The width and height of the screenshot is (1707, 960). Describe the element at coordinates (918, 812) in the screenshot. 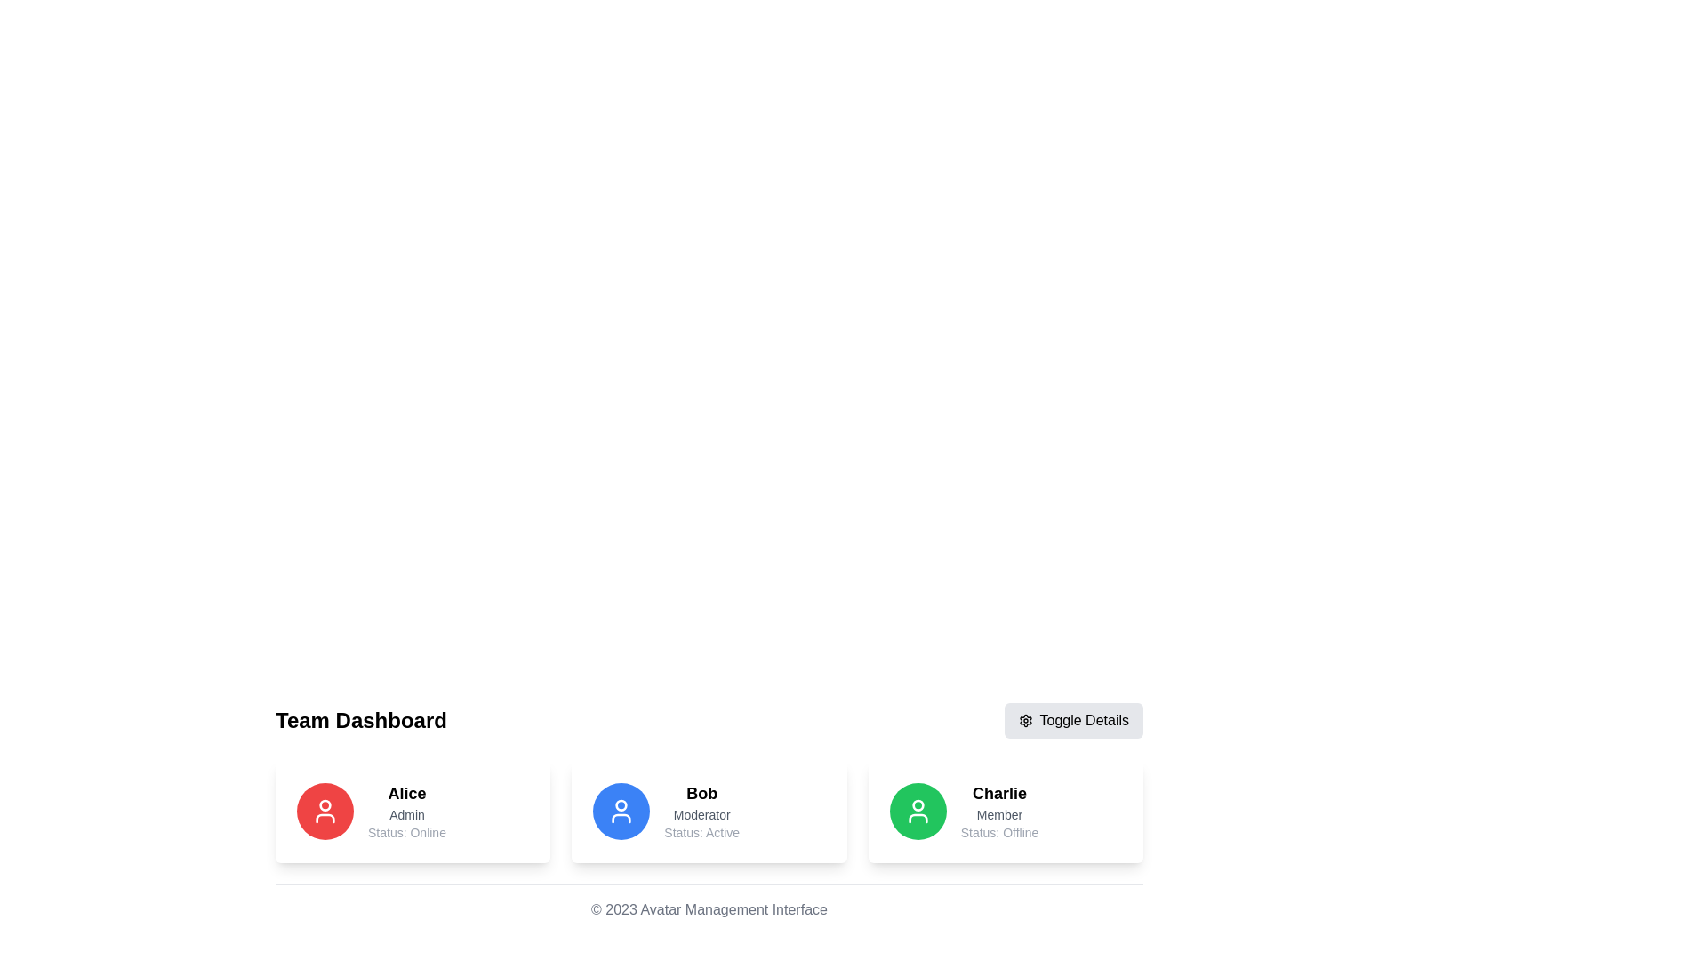

I see `the user avatar icon representing 'Charlie' within the card layout, which is the third card at the bottom of the interface` at that location.